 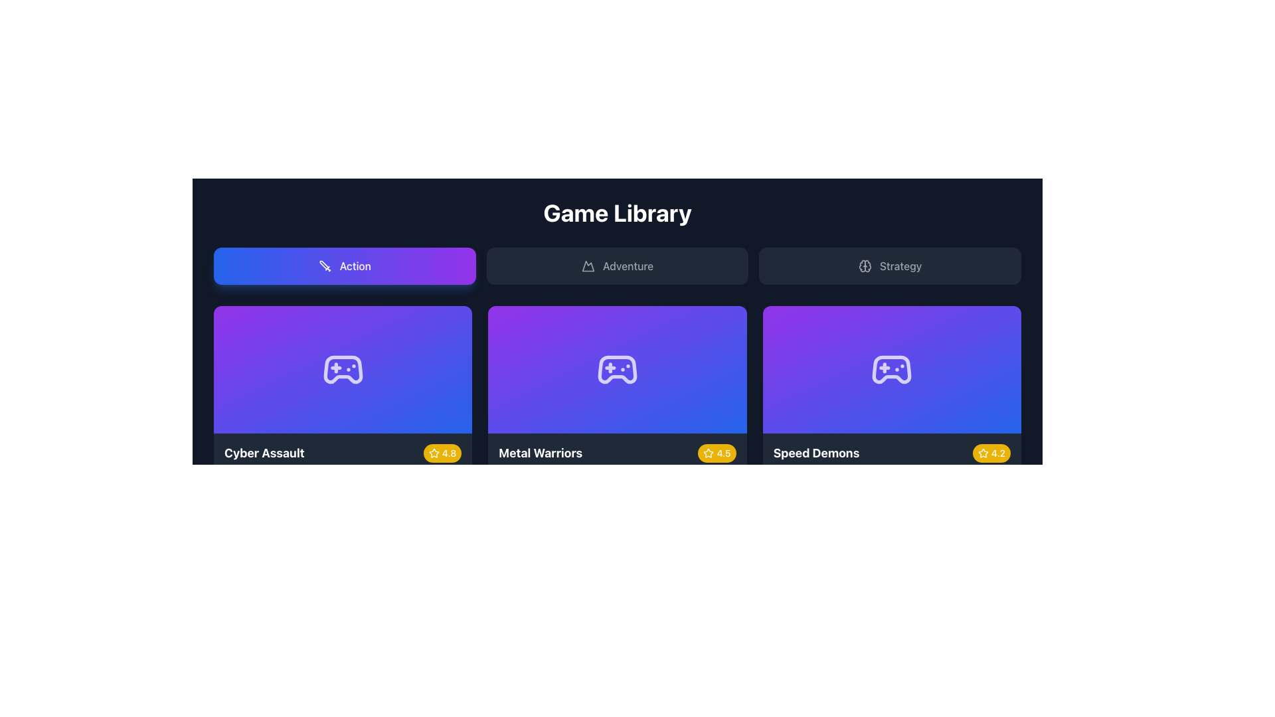 What do you see at coordinates (442, 452) in the screenshot?
I see `the displayed content of the Rating badge for the game 'Cyber Assault', which features a yellow background and shows a star icon followed by the text '4.8'` at bounding box center [442, 452].